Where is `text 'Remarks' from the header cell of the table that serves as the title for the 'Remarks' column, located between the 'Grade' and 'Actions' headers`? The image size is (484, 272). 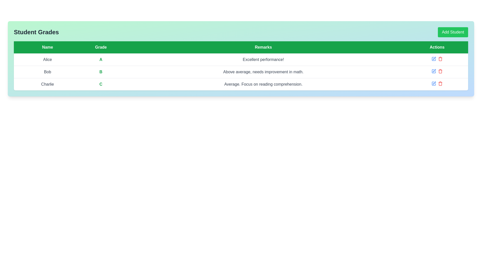
text 'Remarks' from the header cell of the table that serves as the title for the 'Remarks' column, located between the 'Grade' and 'Actions' headers is located at coordinates (263, 47).